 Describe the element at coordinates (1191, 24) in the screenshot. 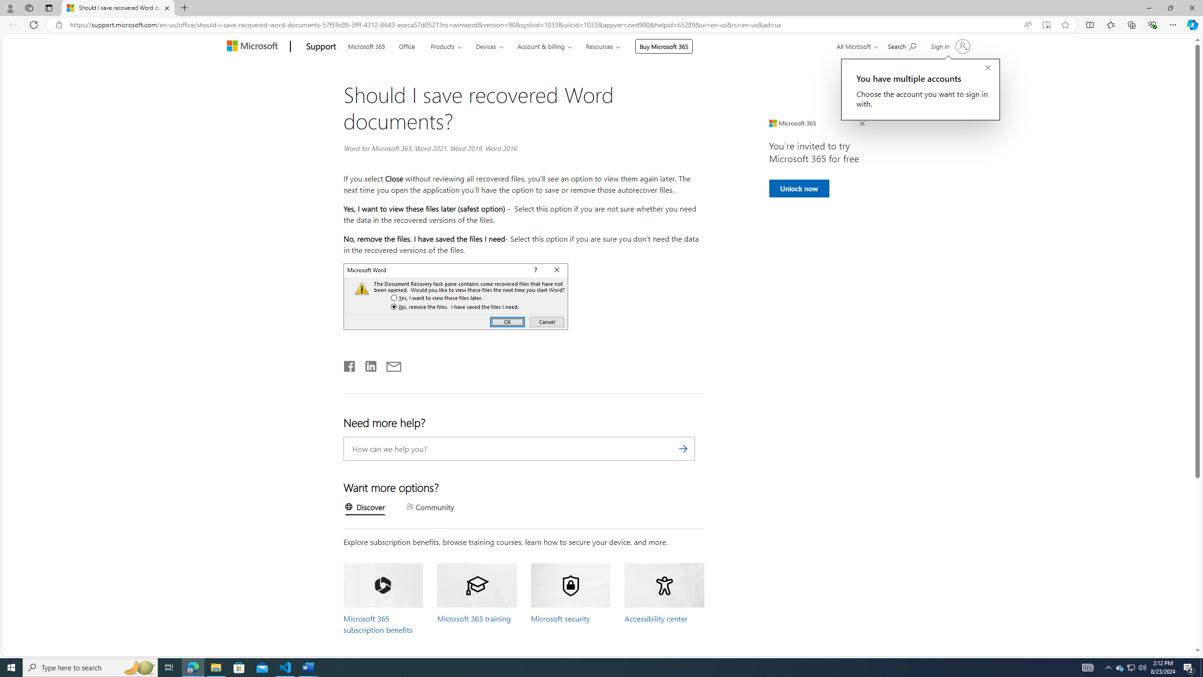

I see `'Copilot (Ctrl+Shift+.)'` at that location.